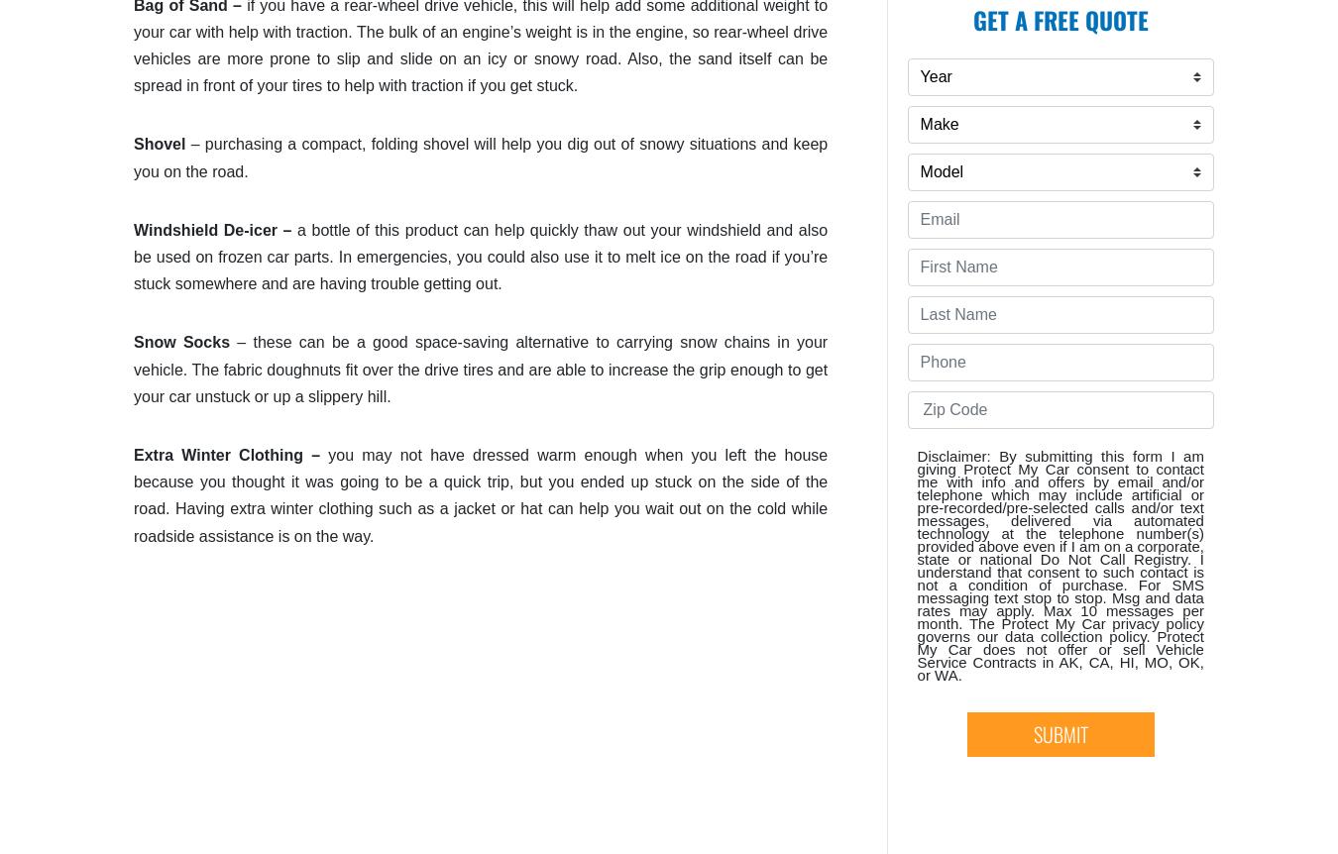 The width and height of the screenshot is (1338, 854). What do you see at coordinates (971, 19) in the screenshot?
I see `'Get A Free Quote'` at bounding box center [971, 19].